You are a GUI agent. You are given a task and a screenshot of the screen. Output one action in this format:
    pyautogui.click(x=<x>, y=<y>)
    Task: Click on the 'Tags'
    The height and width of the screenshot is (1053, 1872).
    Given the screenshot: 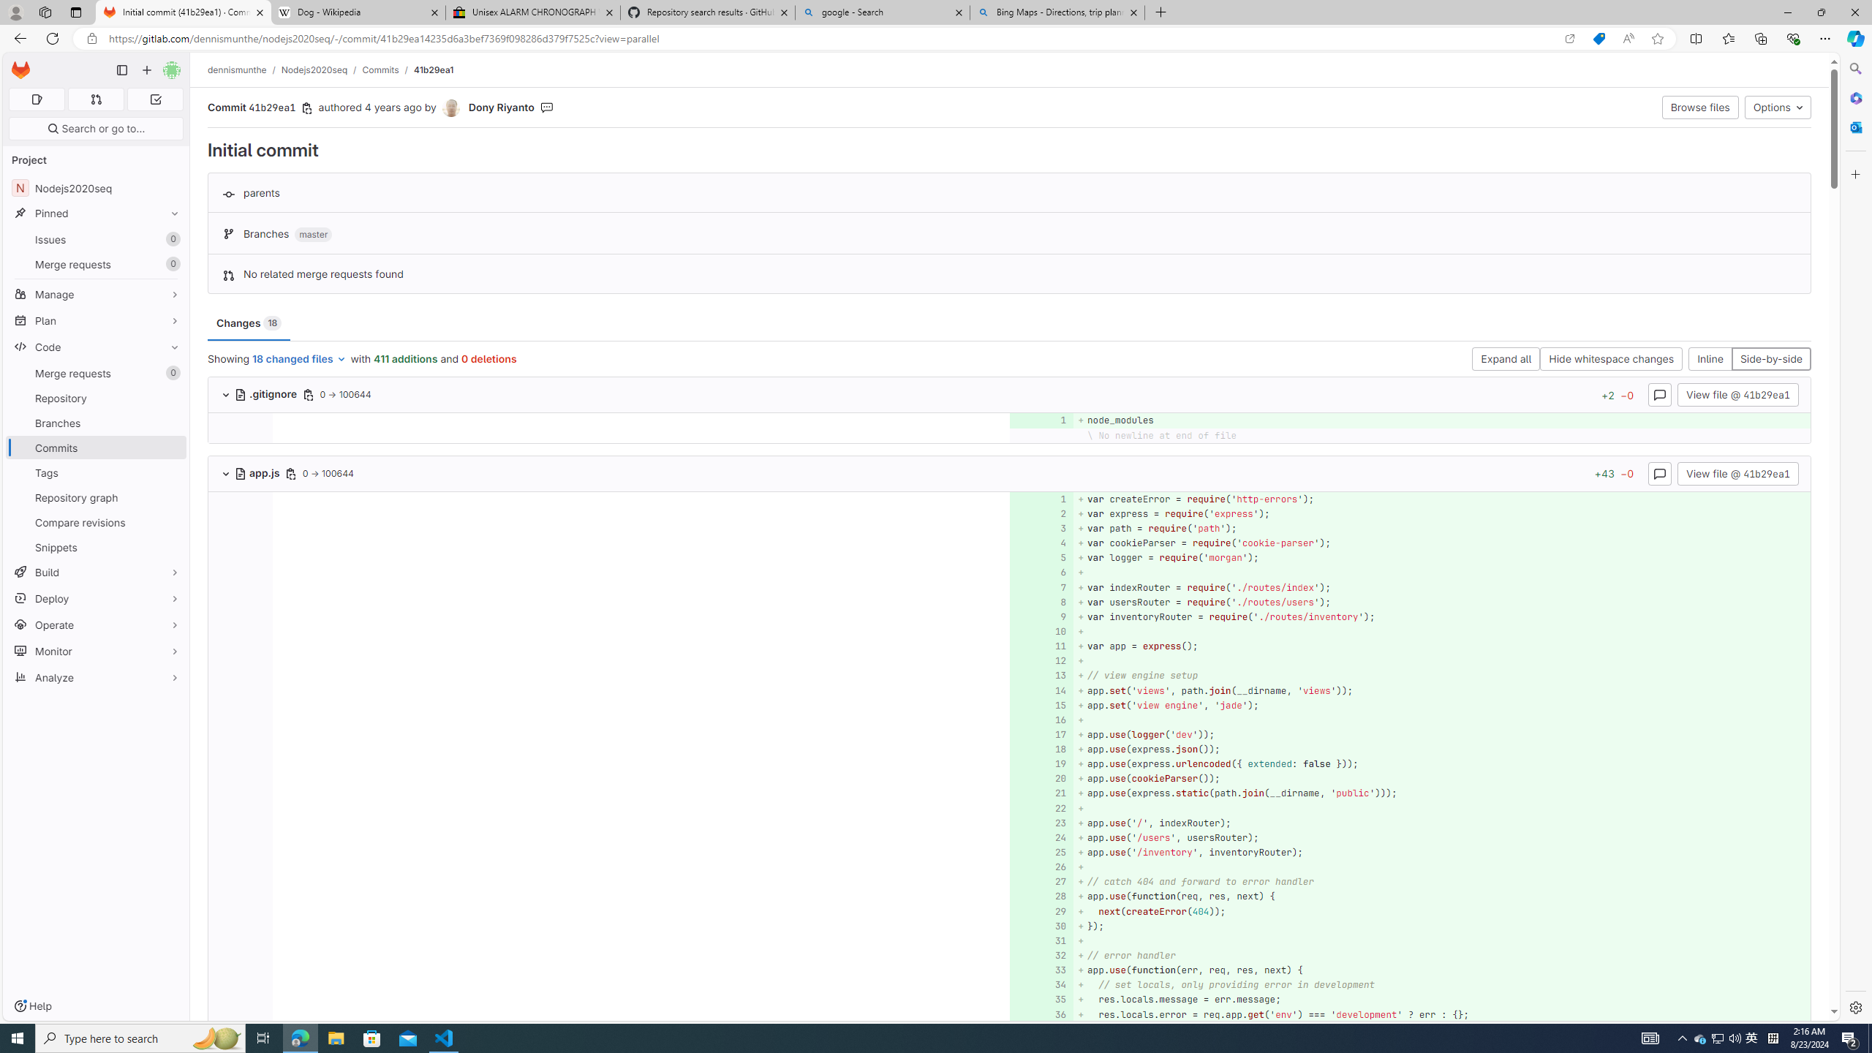 What is the action you would take?
    pyautogui.click(x=95, y=472)
    